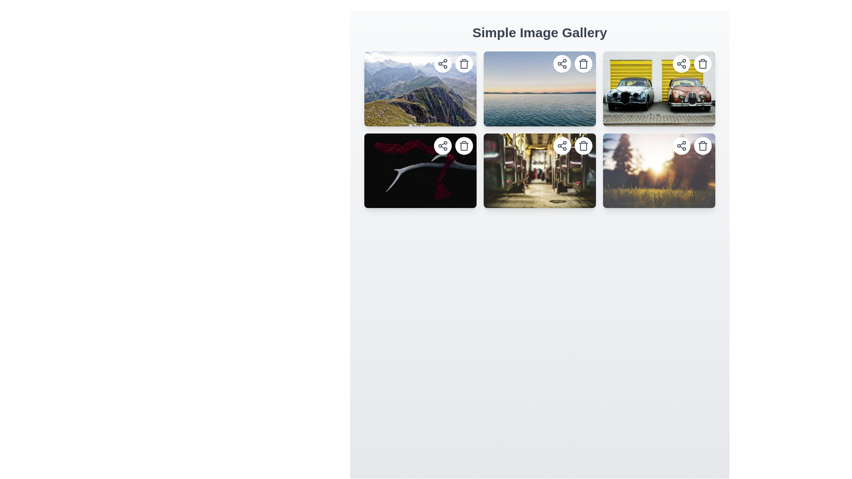 This screenshot has height=479, width=852. Describe the element at coordinates (443, 145) in the screenshot. I see `the sharing icon button located in the second row and first column of the image grid` at that location.